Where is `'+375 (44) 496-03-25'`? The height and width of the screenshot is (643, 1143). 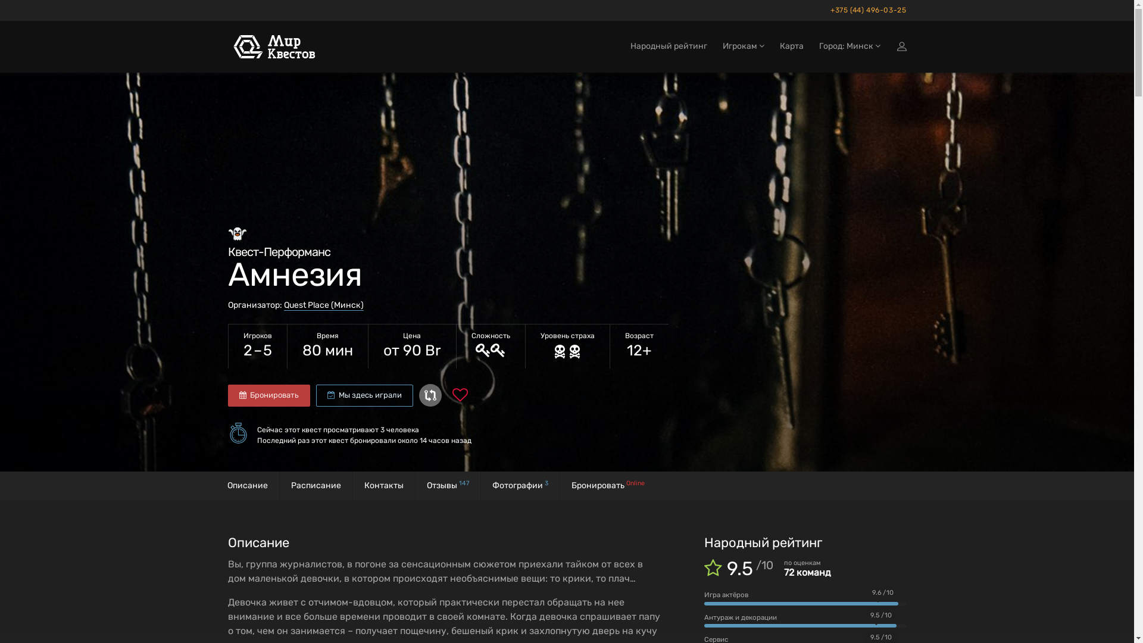
'+375 (44) 496-03-25' is located at coordinates (865, 10).